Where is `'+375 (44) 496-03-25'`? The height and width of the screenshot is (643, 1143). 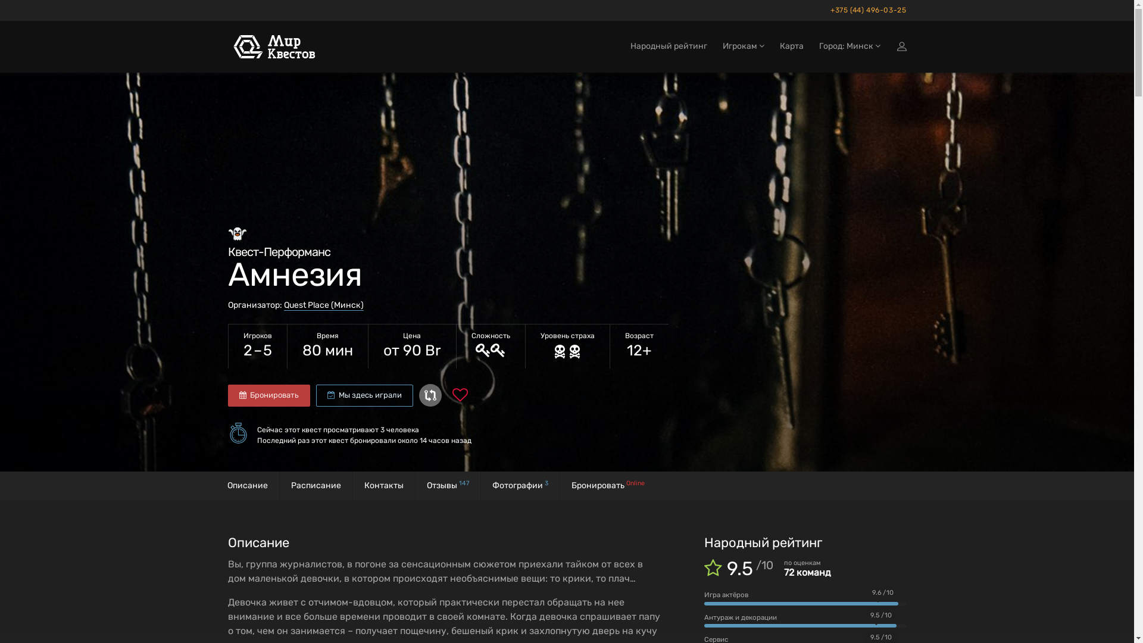
'+375 (44) 496-03-25' is located at coordinates (865, 10).